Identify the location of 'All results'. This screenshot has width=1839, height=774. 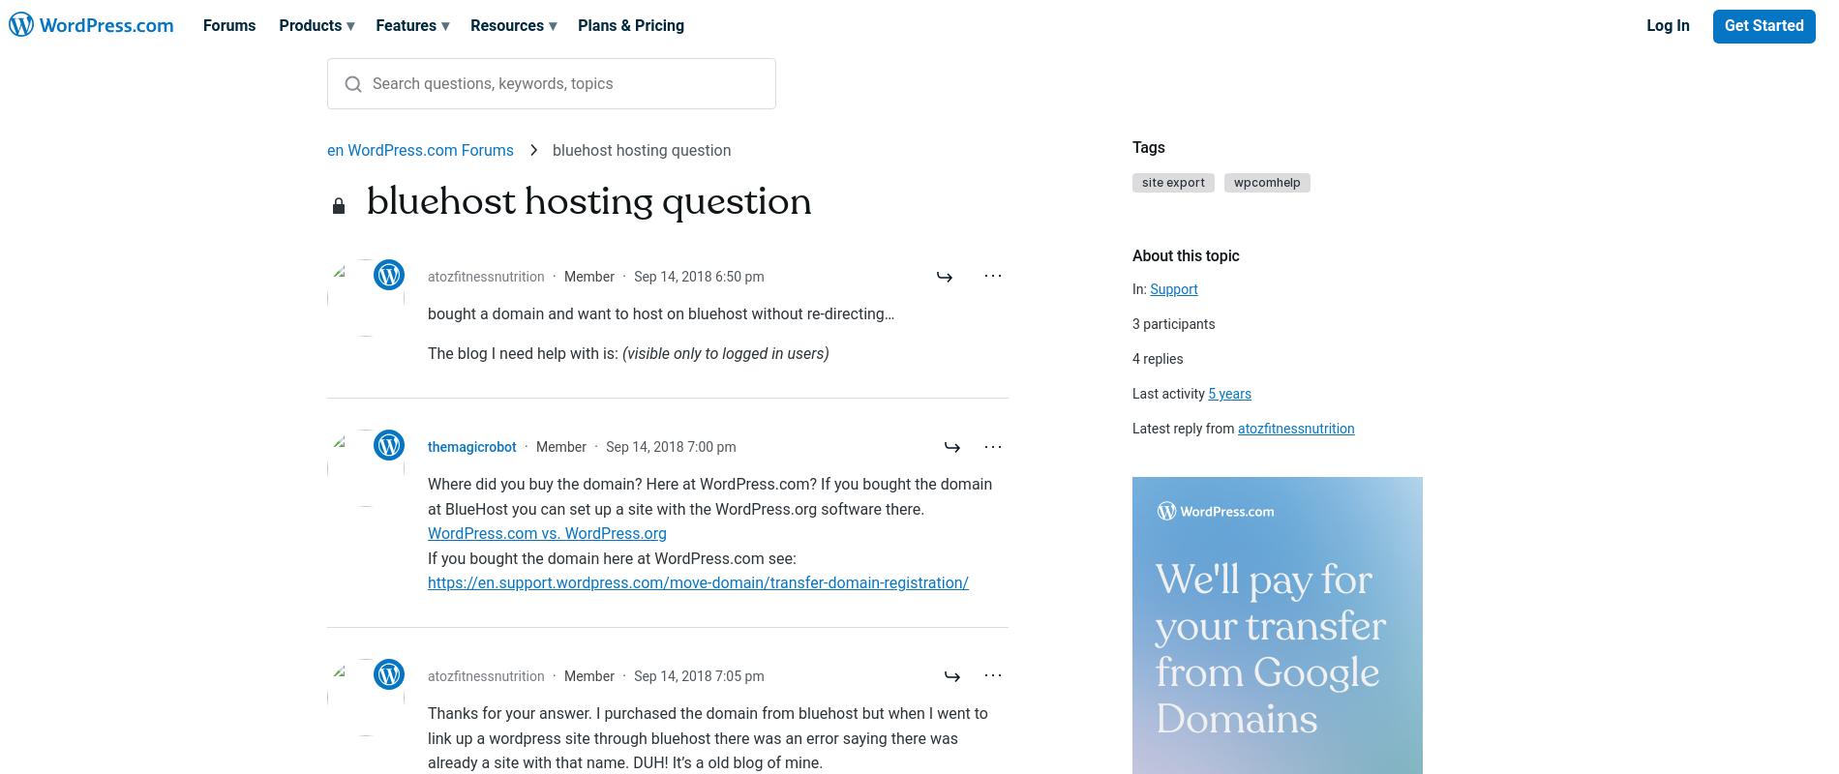
(352, 132).